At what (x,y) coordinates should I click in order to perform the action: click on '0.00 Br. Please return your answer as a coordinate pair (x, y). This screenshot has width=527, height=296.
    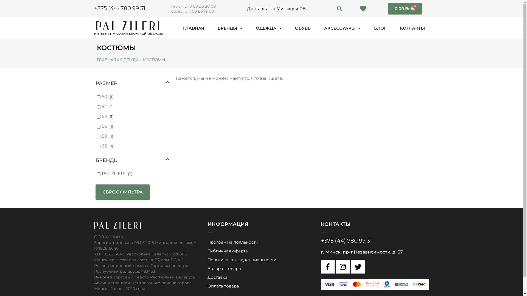
    Looking at the image, I should click on (405, 8).